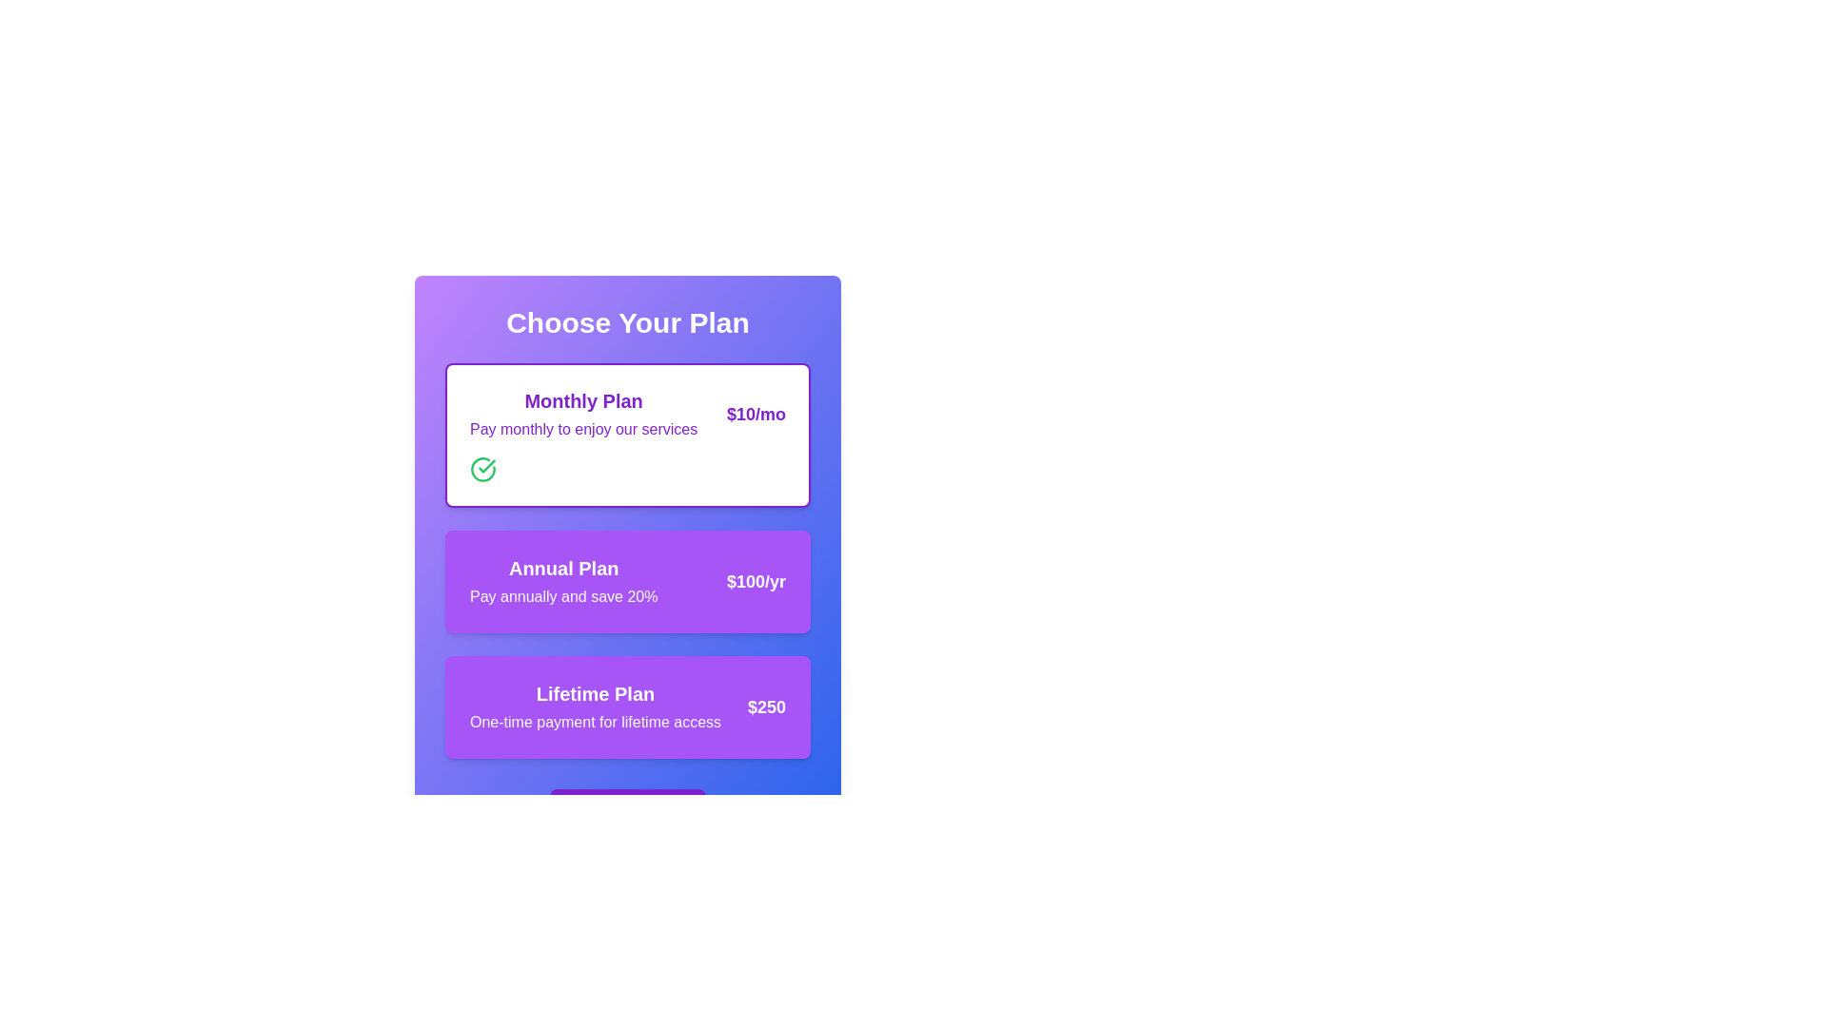 The height and width of the screenshot is (1027, 1827). What do you see at coordinates (767, 707) in the screenshot?
I see `the text label displaying '$250' which is located at the bottom-right corner of the 'Lifetime Plan' section and styled with a larger, bold typeface` at bounding box center [767, 707].